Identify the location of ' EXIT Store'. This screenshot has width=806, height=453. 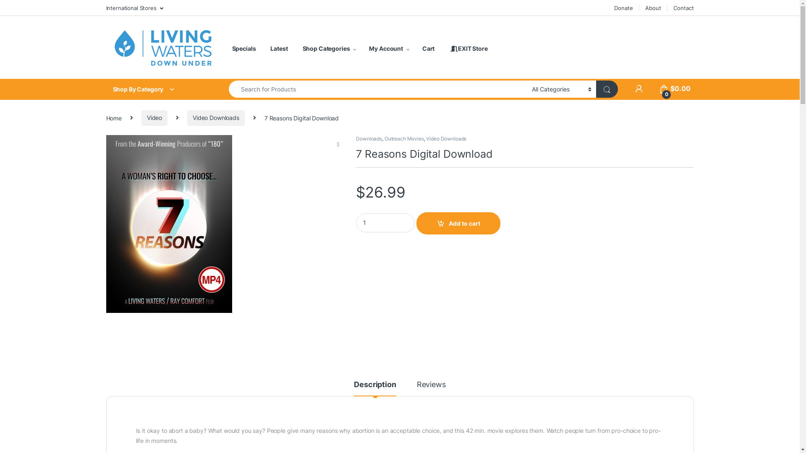
(468, 48).